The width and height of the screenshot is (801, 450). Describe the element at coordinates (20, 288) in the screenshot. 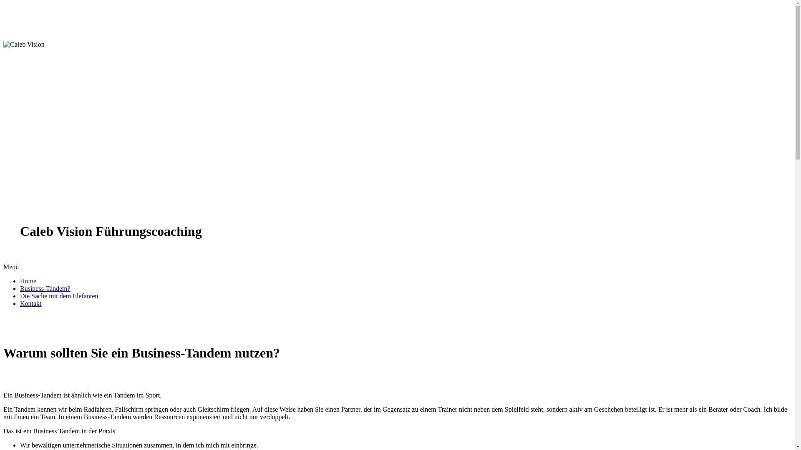

I see `'Business-Tandem?'` at that location.